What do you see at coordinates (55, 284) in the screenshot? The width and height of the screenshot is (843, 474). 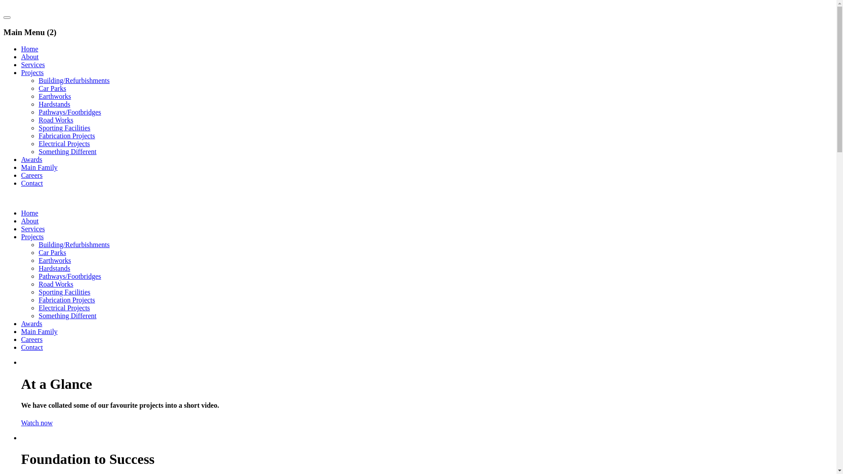 I see `'Road Works'` at bounding box center [55, 284].